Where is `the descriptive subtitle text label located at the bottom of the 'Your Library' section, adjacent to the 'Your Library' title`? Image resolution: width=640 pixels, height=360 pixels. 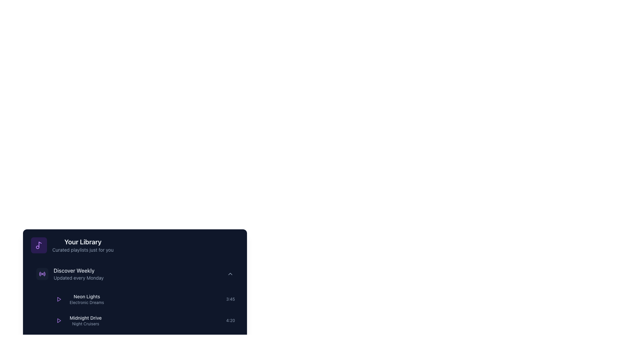 the descriptive subtitle text label located at the bottom of the 'Your Library' section, adjacent to the 'Your Library' title is located at coordinates (82, 250).